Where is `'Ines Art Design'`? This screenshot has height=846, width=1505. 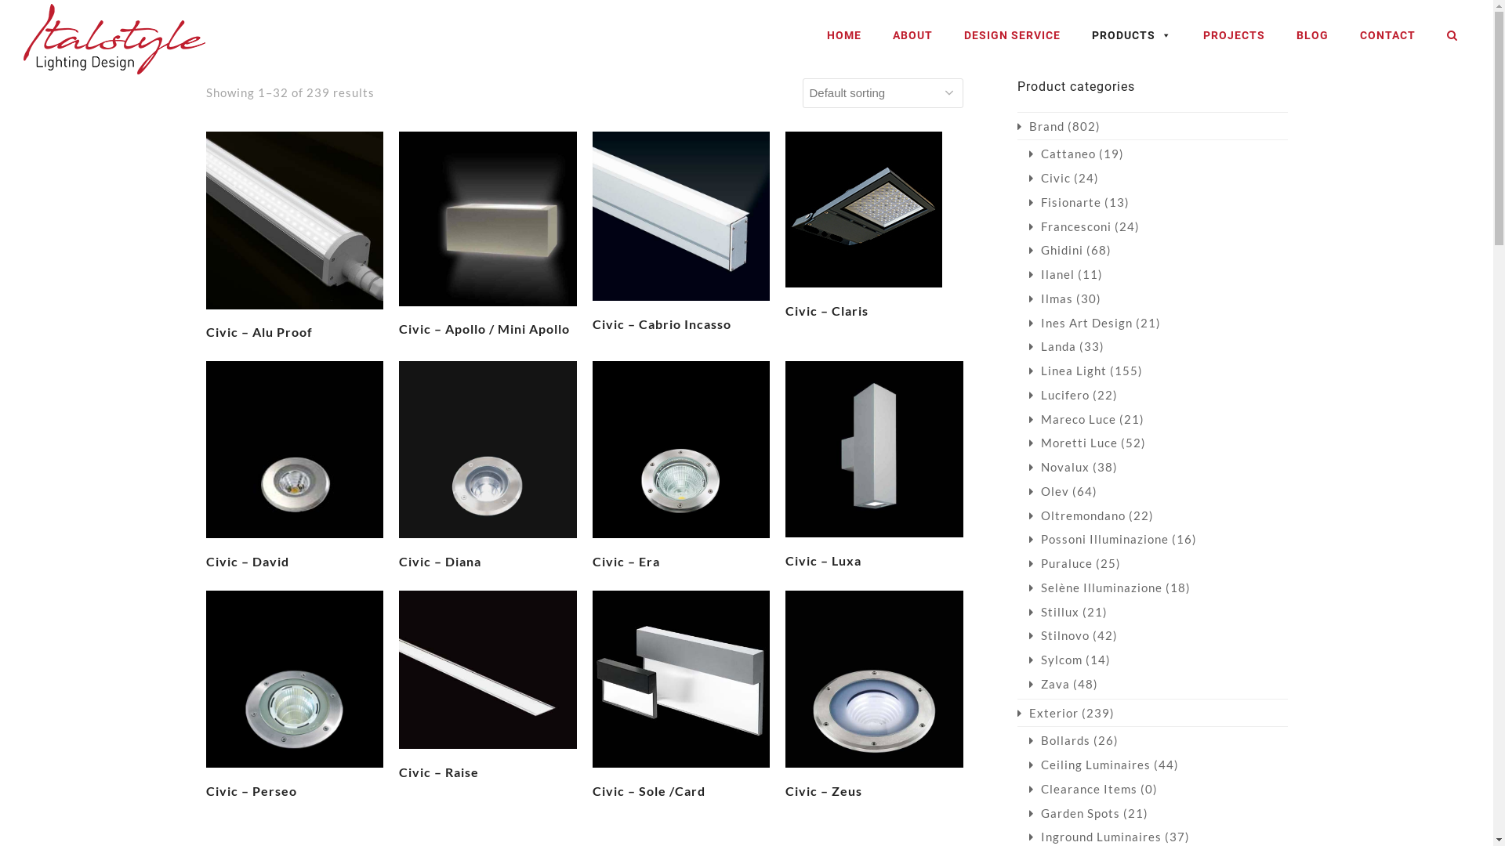 'Ines Art Design' is located at coordinates (1028, 322).